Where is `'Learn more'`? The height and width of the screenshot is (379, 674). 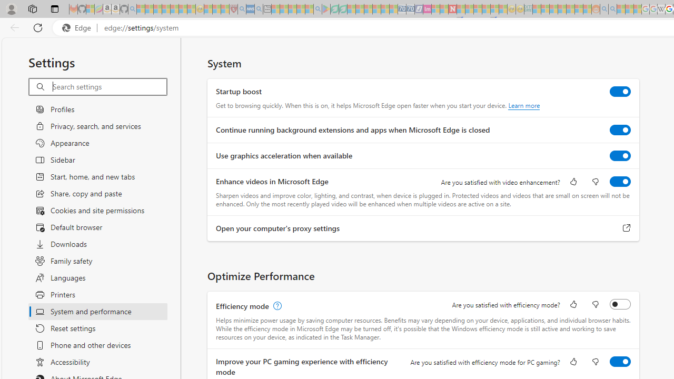 'Learn more' is located at coordinates (524, 105).